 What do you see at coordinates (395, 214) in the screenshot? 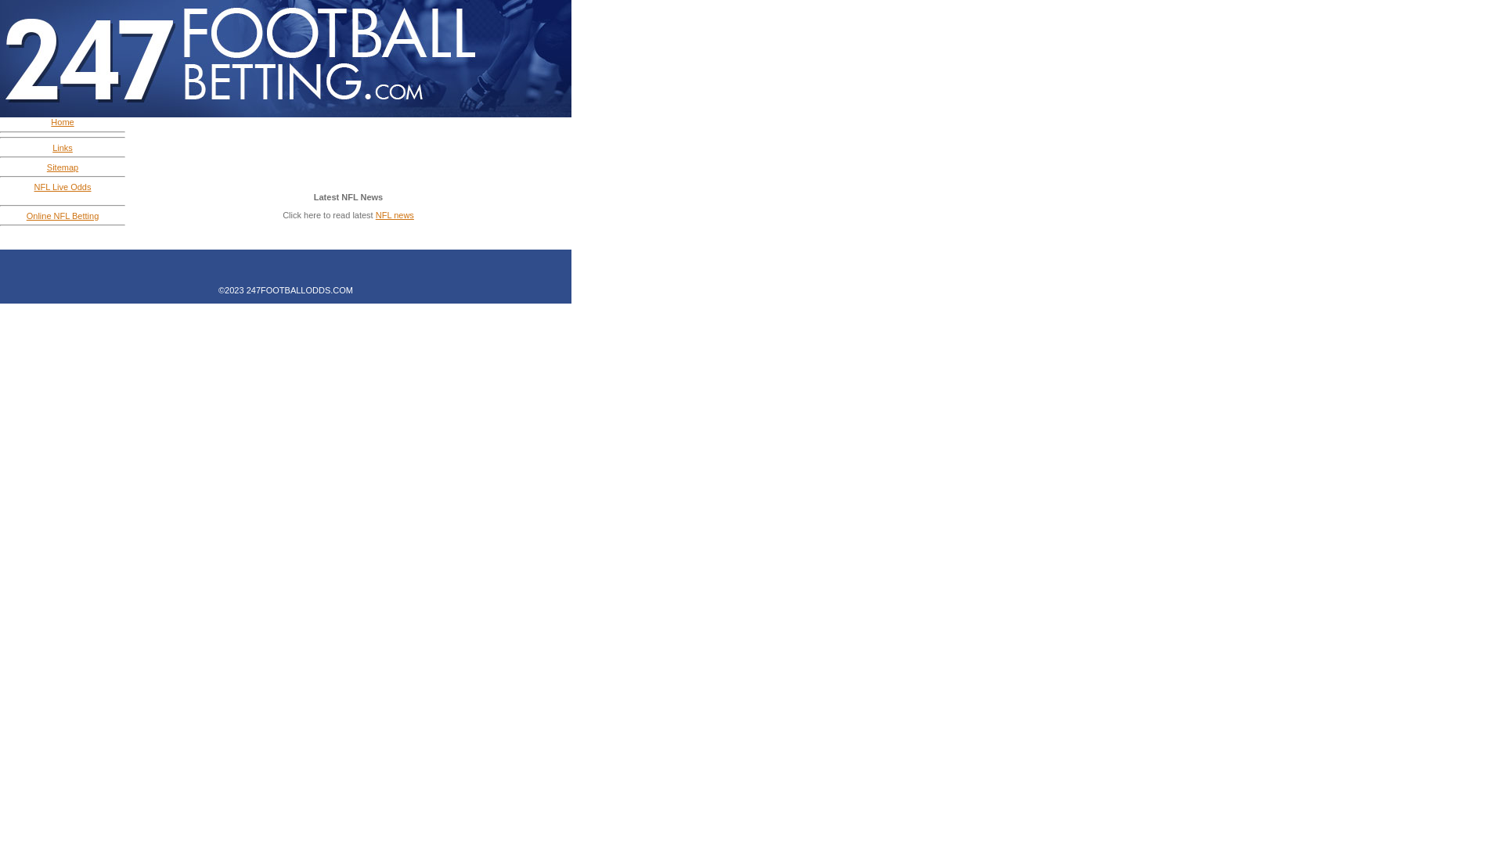
I see `'NFL news'` at bounding box center [395, 214].